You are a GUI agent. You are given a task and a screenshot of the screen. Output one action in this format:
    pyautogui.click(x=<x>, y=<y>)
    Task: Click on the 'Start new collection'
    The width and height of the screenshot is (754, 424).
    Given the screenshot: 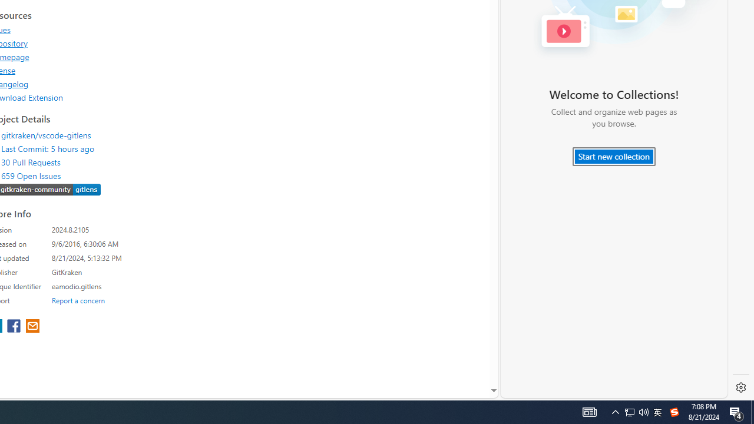 What is the action you would take?
    pyautogui.click(x=613, y=155)
    